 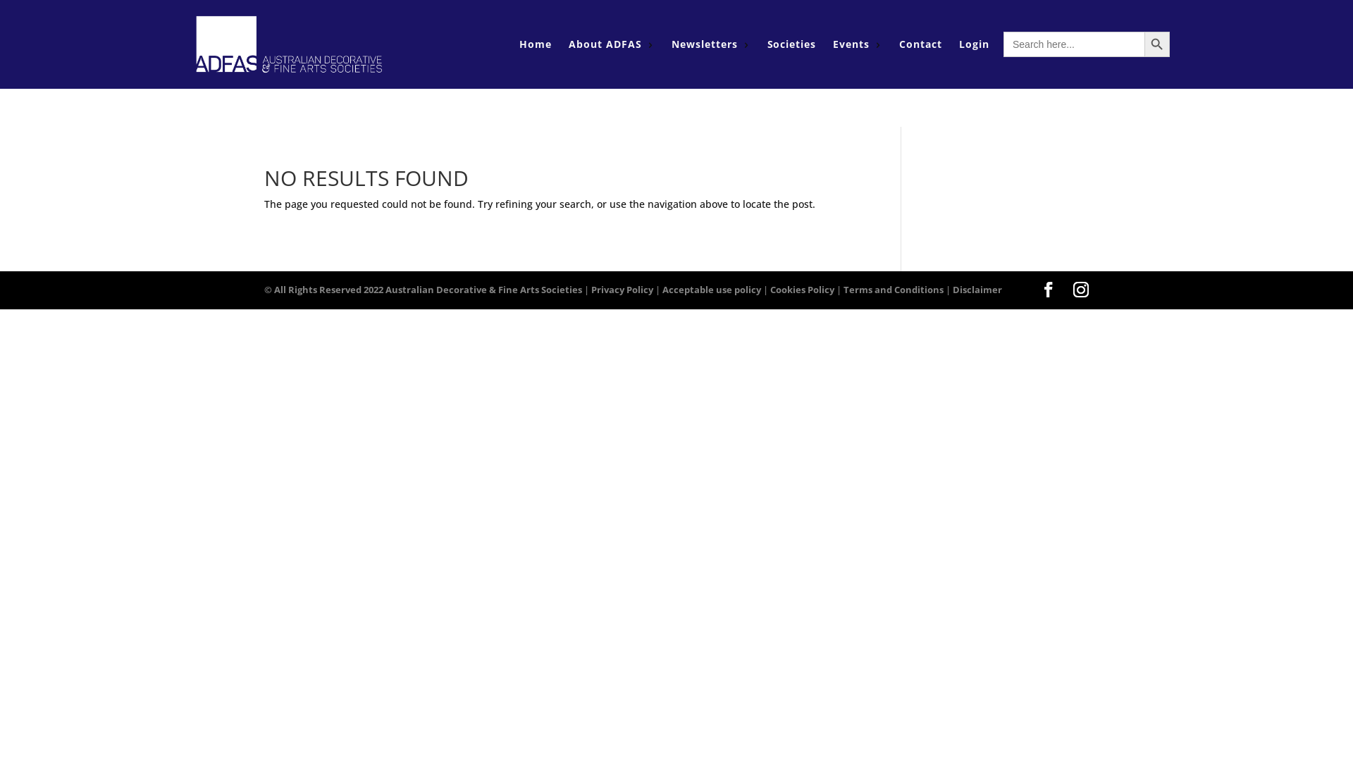 I want to click on 'Terms and Conditions', so click(x=892, y=289).